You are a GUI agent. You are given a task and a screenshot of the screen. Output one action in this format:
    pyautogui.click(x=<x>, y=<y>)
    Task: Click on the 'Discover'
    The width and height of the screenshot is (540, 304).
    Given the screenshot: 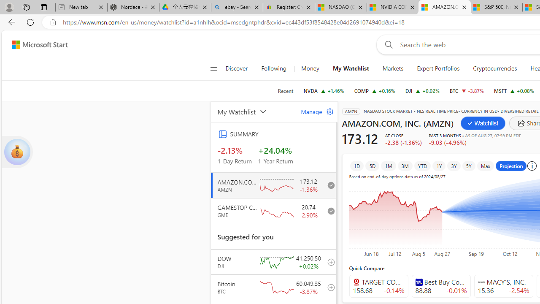 What is the action you would take?
    pyautogui.click(x=236, y=68)
    